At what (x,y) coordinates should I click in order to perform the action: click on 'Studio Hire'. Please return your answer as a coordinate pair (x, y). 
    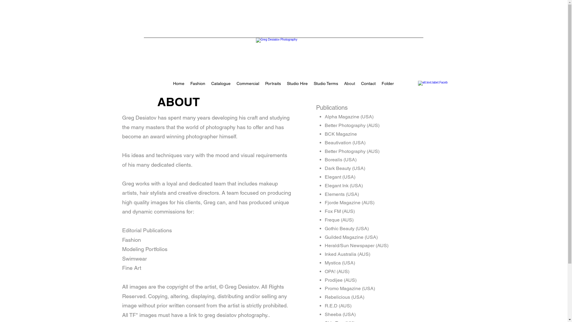
    Looking at the image, I should click on (297, 83).